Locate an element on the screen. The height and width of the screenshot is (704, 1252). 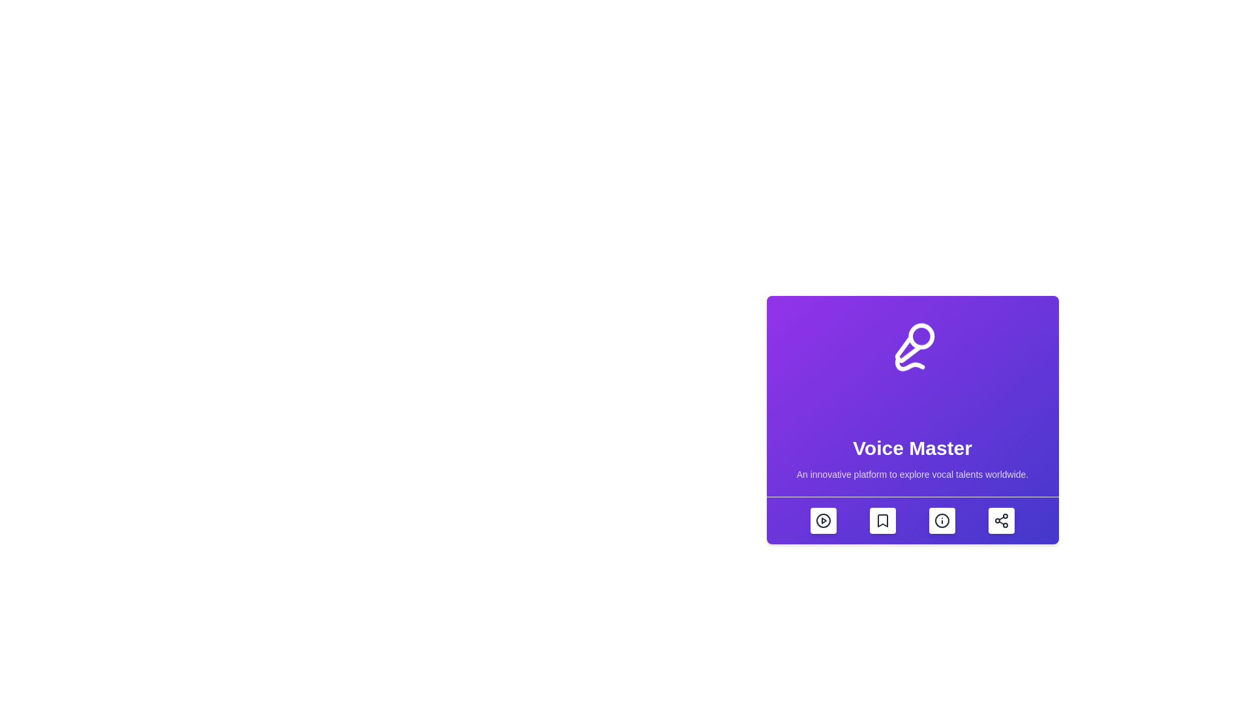
the rounded square button with a white background and a dark share icon is located at coordinates (1001, 520).